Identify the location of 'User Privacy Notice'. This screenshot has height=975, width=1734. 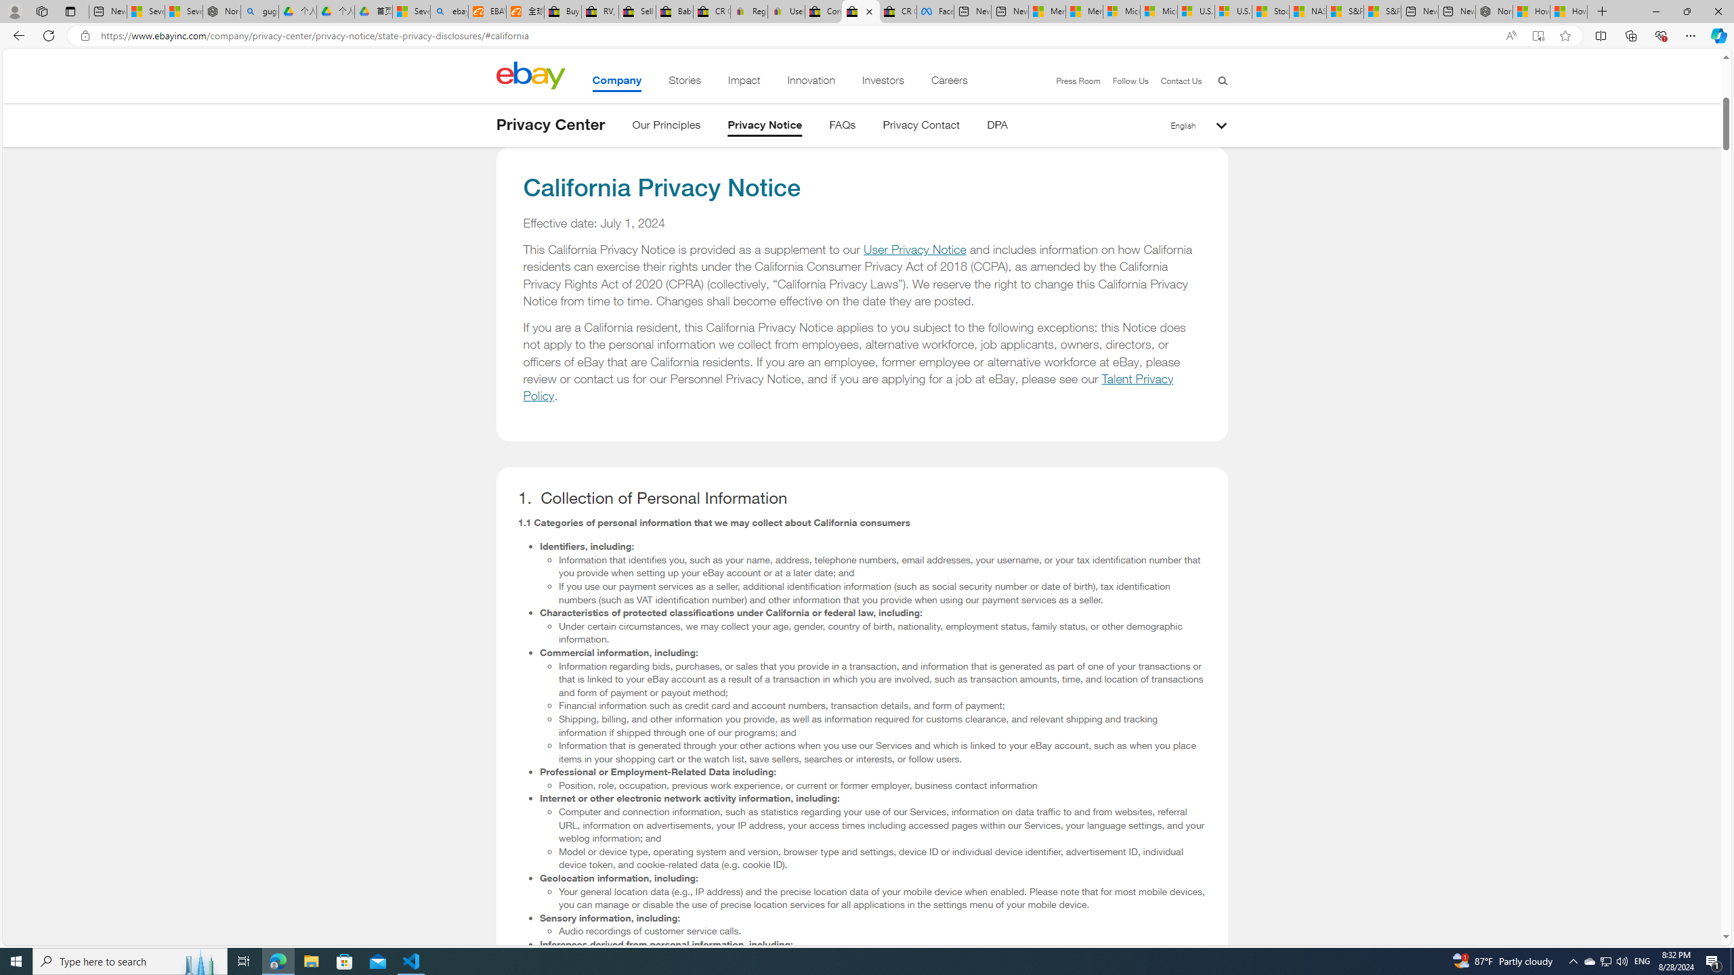
(914, 249).